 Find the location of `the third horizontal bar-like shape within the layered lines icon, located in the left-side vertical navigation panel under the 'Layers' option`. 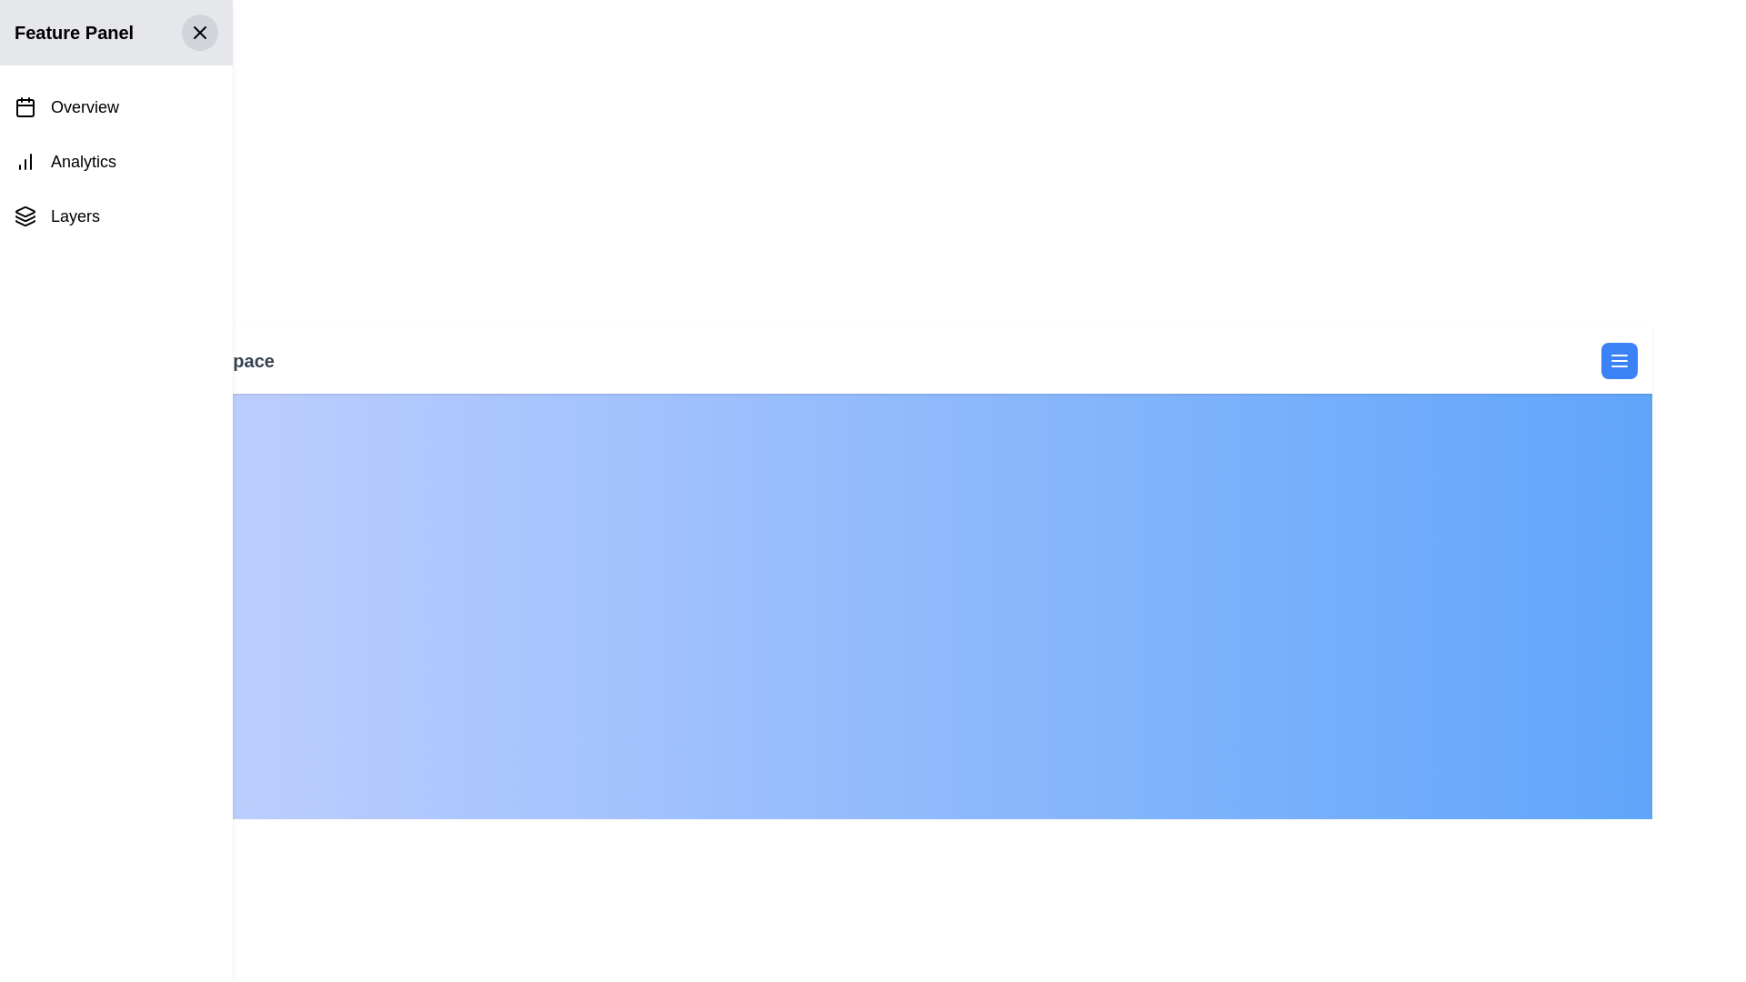

the third horizontal bar-like shape within the layered lines icon, located in the left-side vertical navigation panel under the 'Layers' option is located at coordinates (25, 222).